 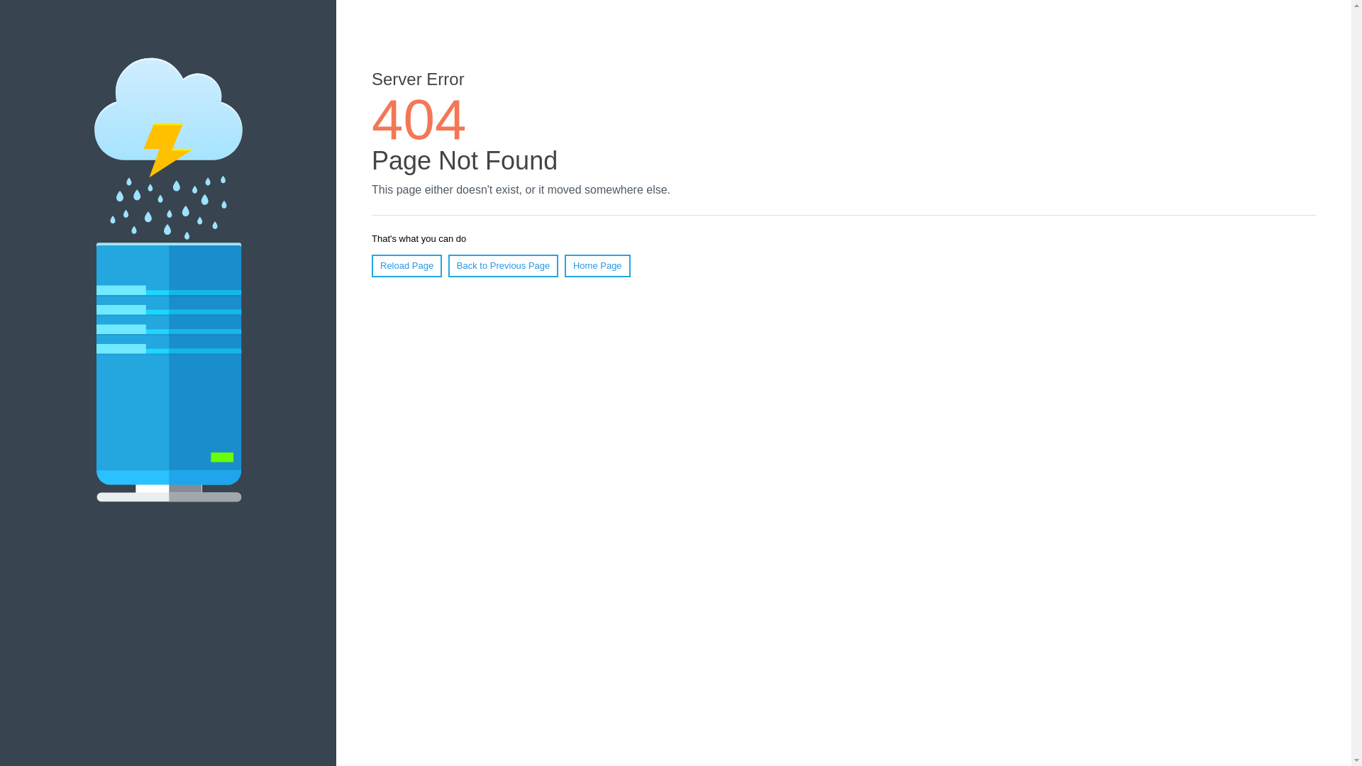 What do you see at coordinates (564, 265) in the screenshot?
I see `'Home Page'` at bounding box center [564, 265].